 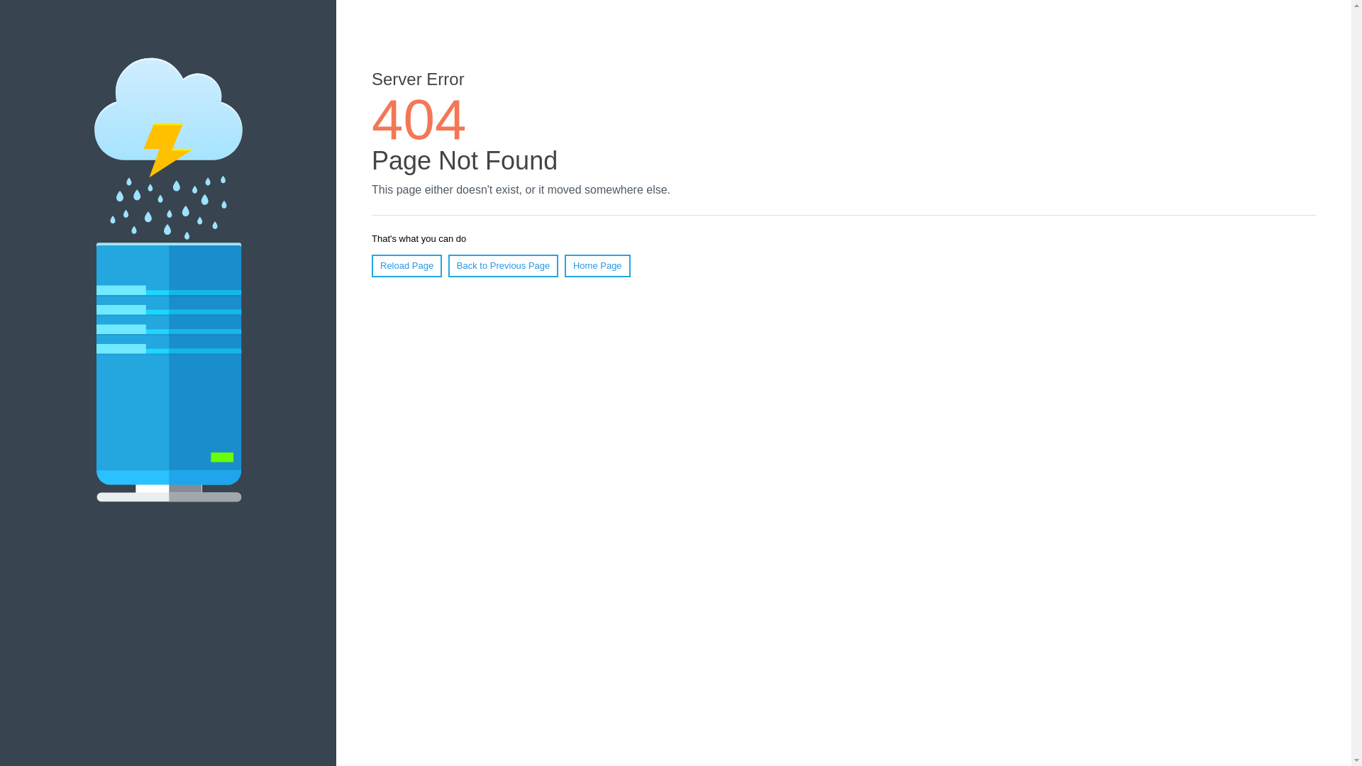 What do you see at coordinates (564, 265) in the screenshot?
I see `'Home Page'` at bounding box center [564, 265].